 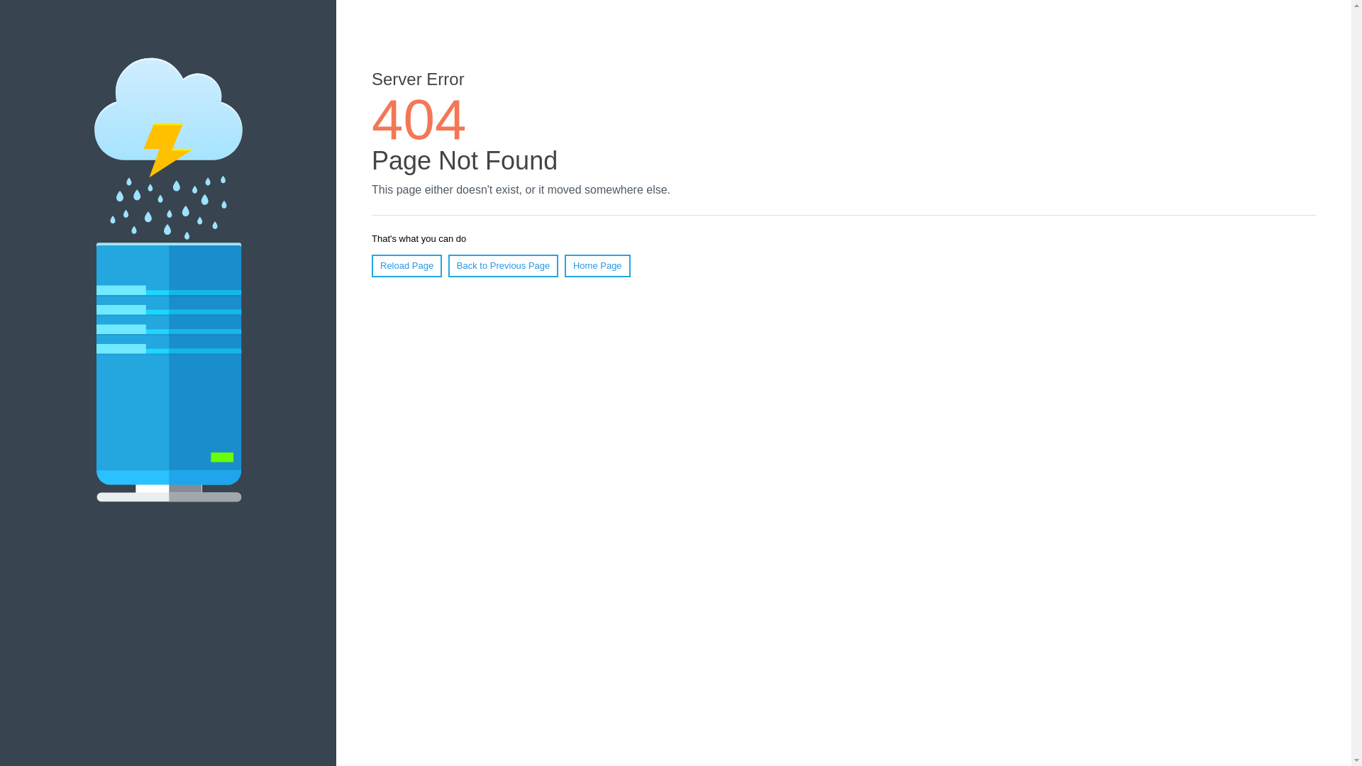 What do you see at coordinates (564, 265) in the screenshot?
I see `'Home Page'` at bounding box center [564, 265].